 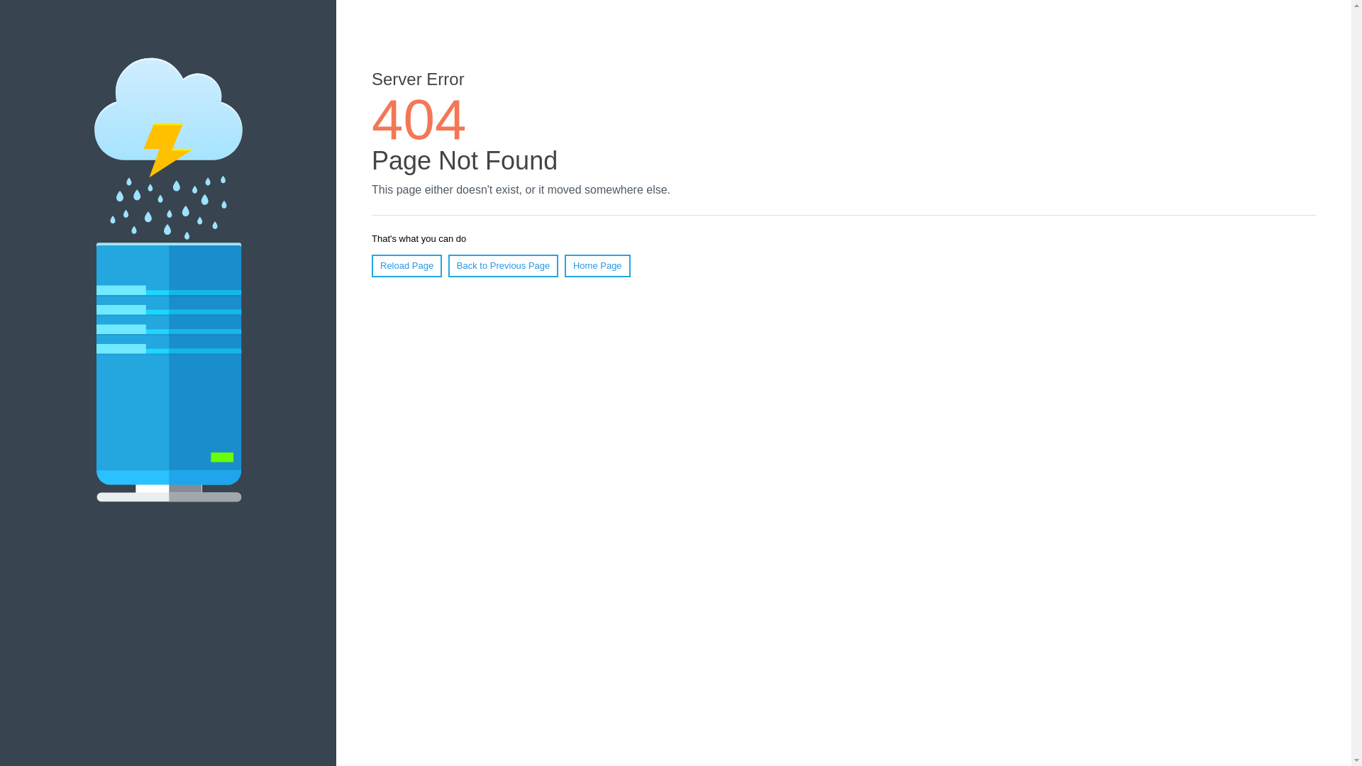 What do you see at coordinates (564, 265) in the screenshot?
I see `'Home Page'` at bounding box center [564, 265].